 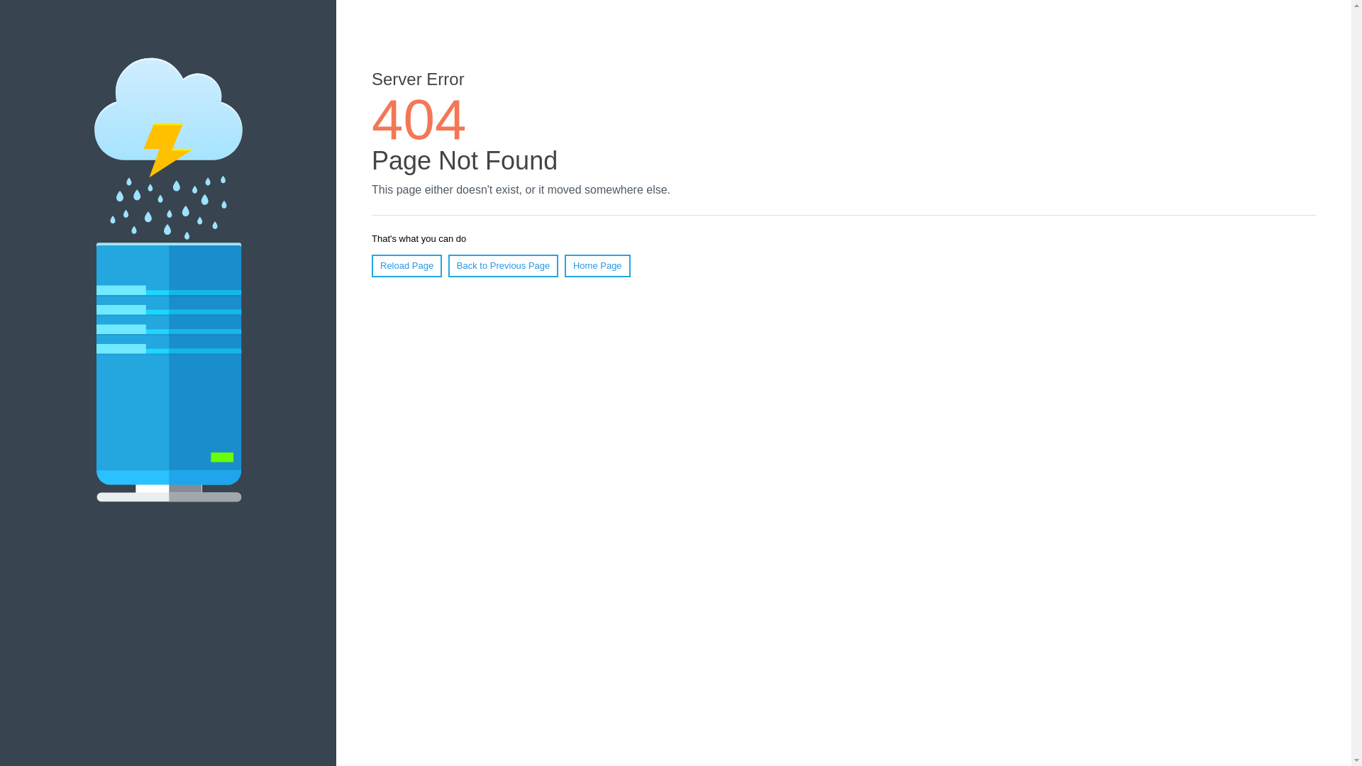 What do you see at coordinates (564, 265) in the screenshot?
I see `'Home Page'` at bounding box center [564, 265].